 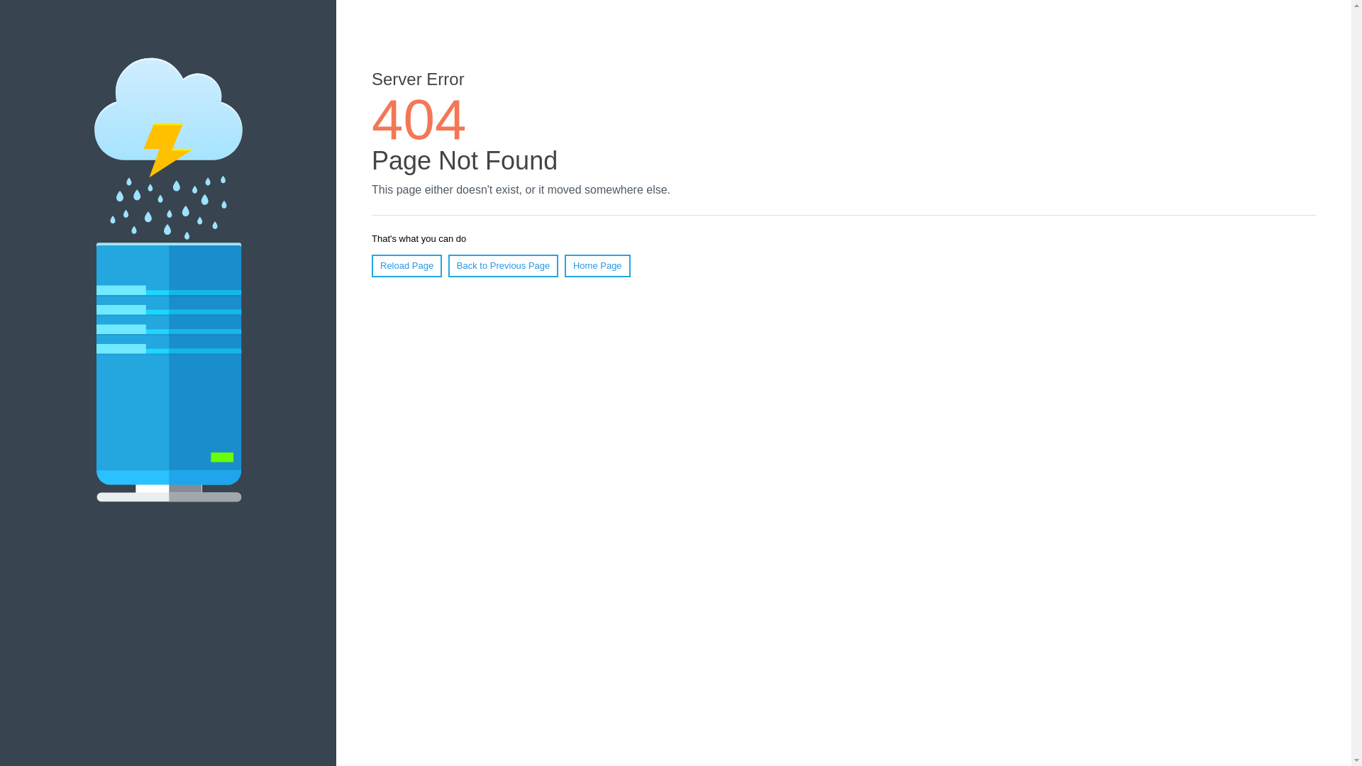 What do you see at coordinates (564, 265) in the screenshot?
I see `'Home Page'` at bounding box center [564, 265].